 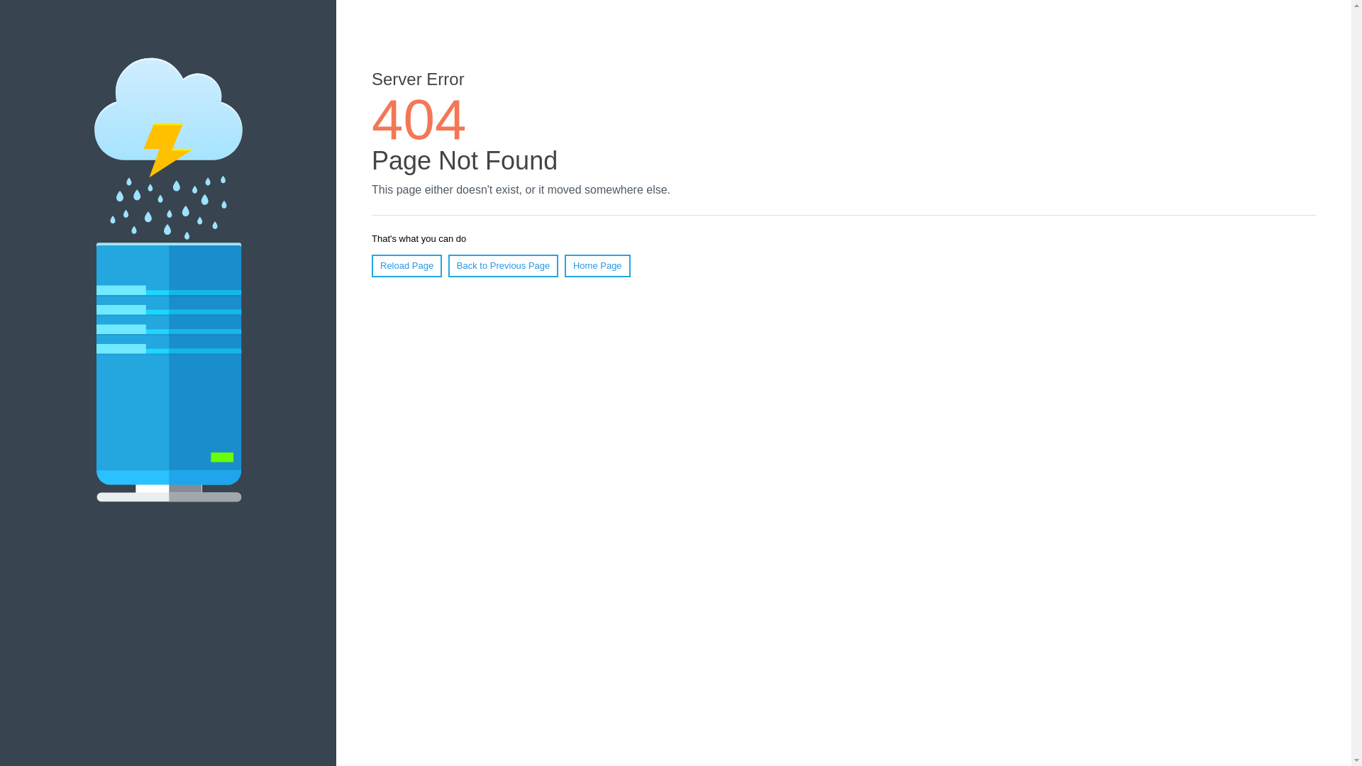 What do you see at coordinates (564, 265) in the screenshot?
I see `'Home Page'` at bounding box center [564, 265].